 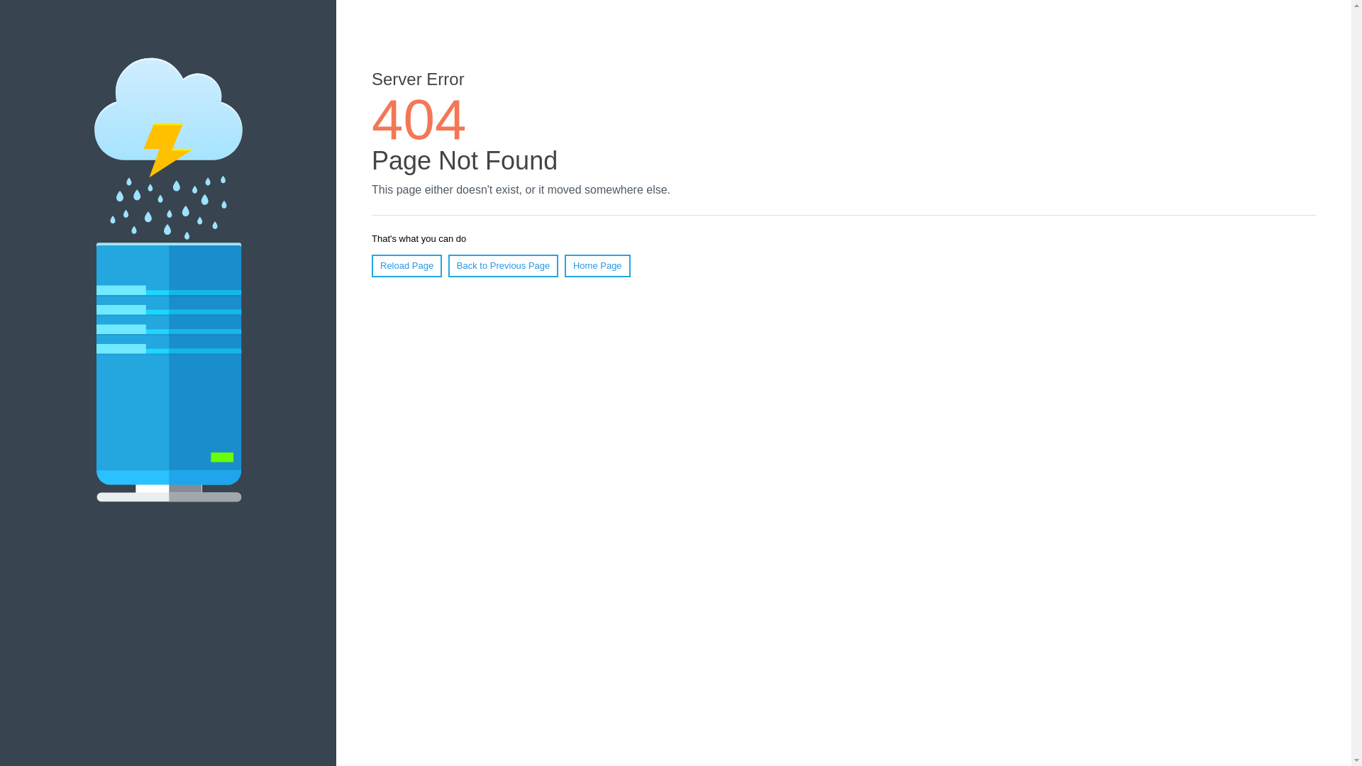 What do you see at coordinates (564, 265) in the screenshot?
I see `'Home Page'` at bounding box center [564, 265].